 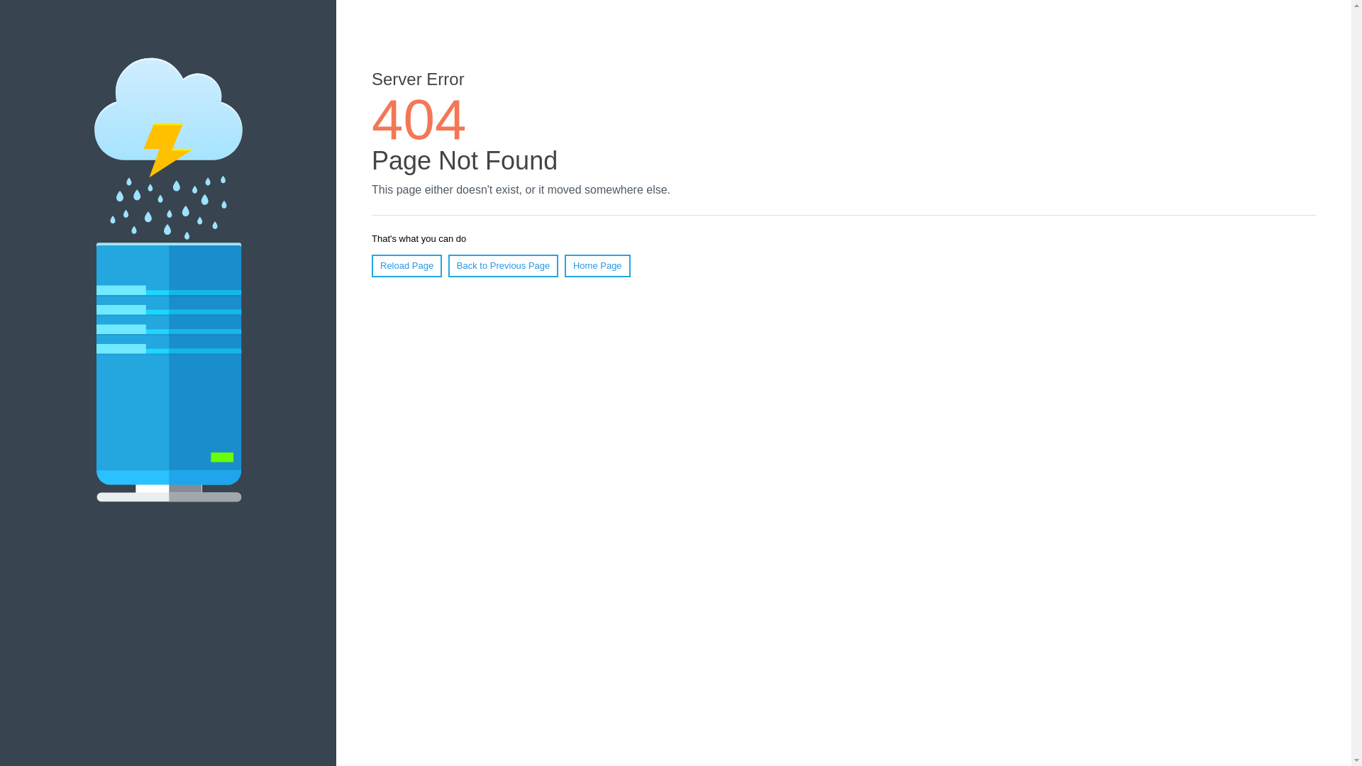 What do you see at coordinates (564, 265) in the screenshot?
I see `'Home Page'` at bounding box center [564, 265].